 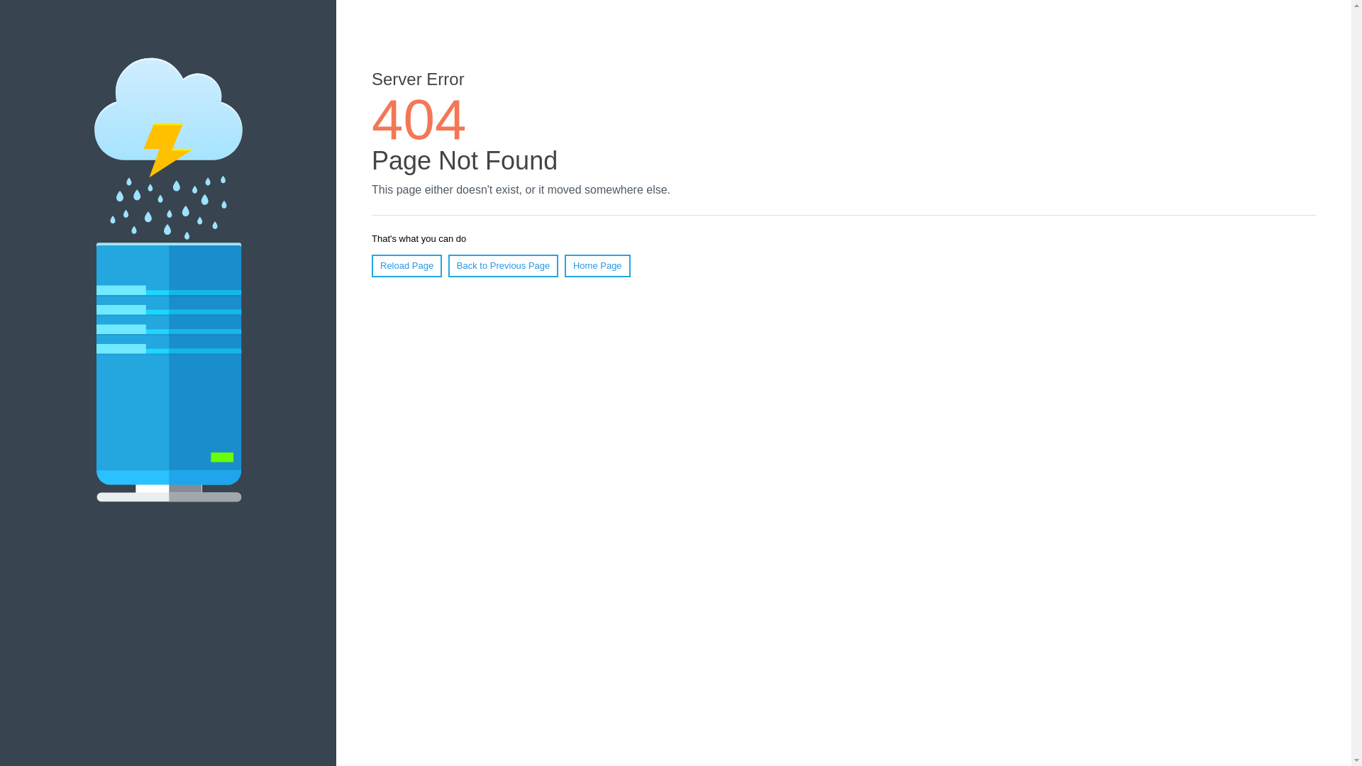 What do you see at coordinates (564, 265) in the screenshot?
I see `'Home Page'` at bounding box center [564, 265].